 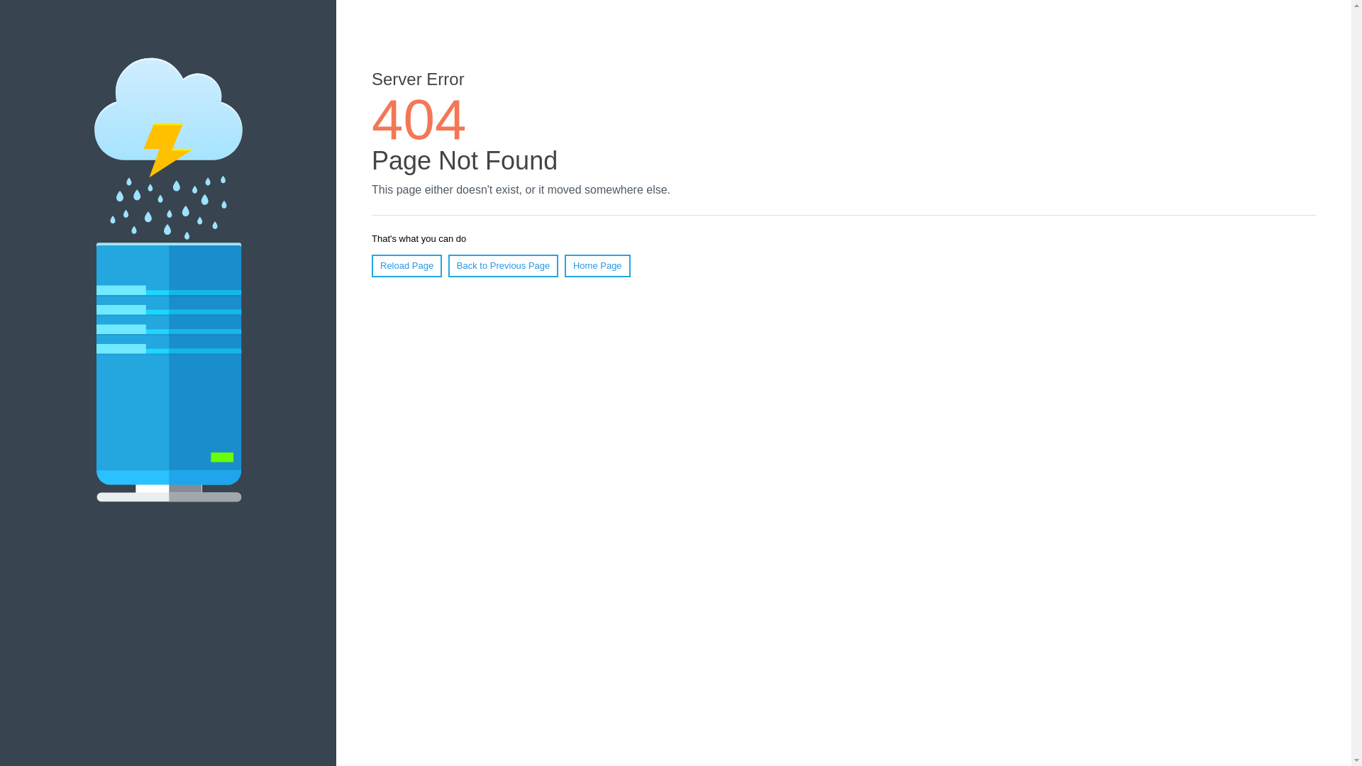 What do you see at coordinates (564, 265) in the screenshot?
I see `'Home Page'` at bounding box center [564, 265].